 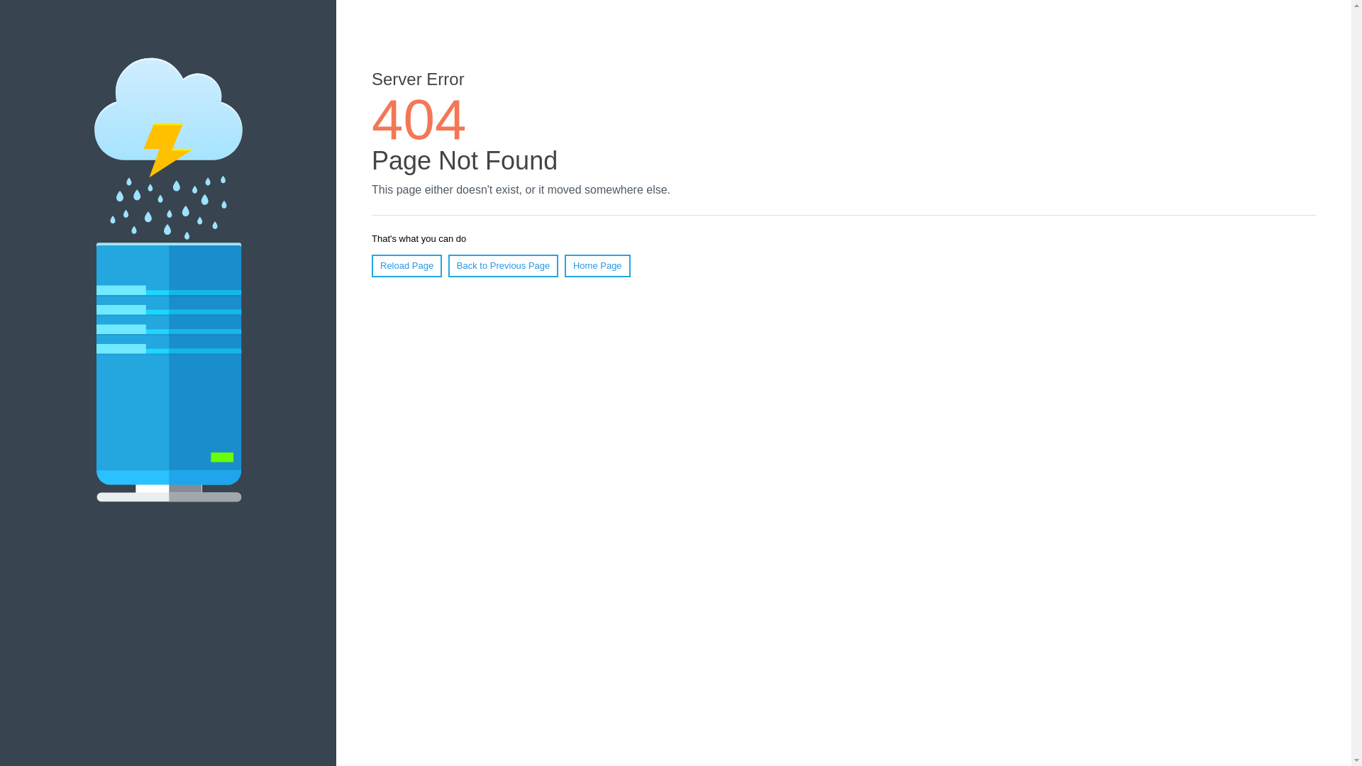 What do you see at coordinates (564, 265) in the screenshot?
I see `'Home Page'` at bounding box center [564, 265].